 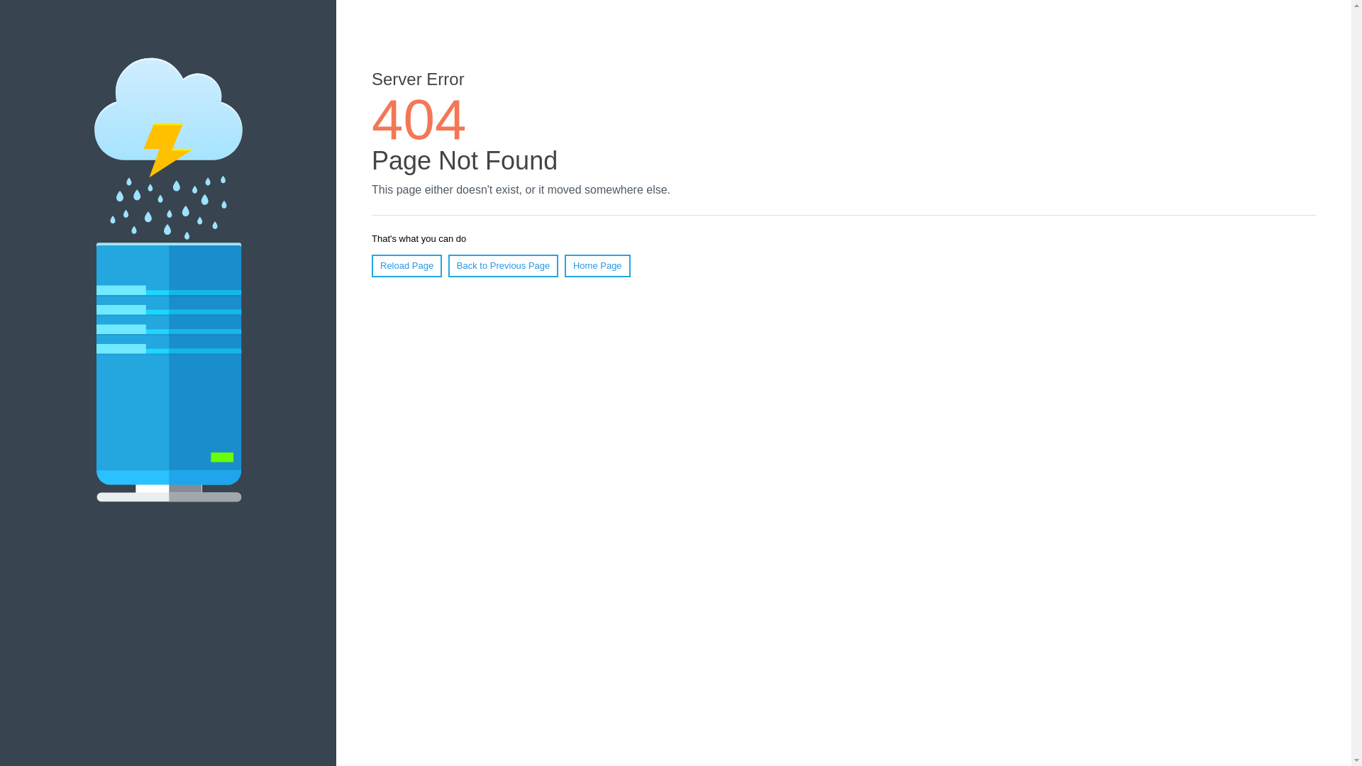 What do you see at coordinates (564, 265) in the screenshot?
I see `'Home Page'` at bounding box center [564, 265].